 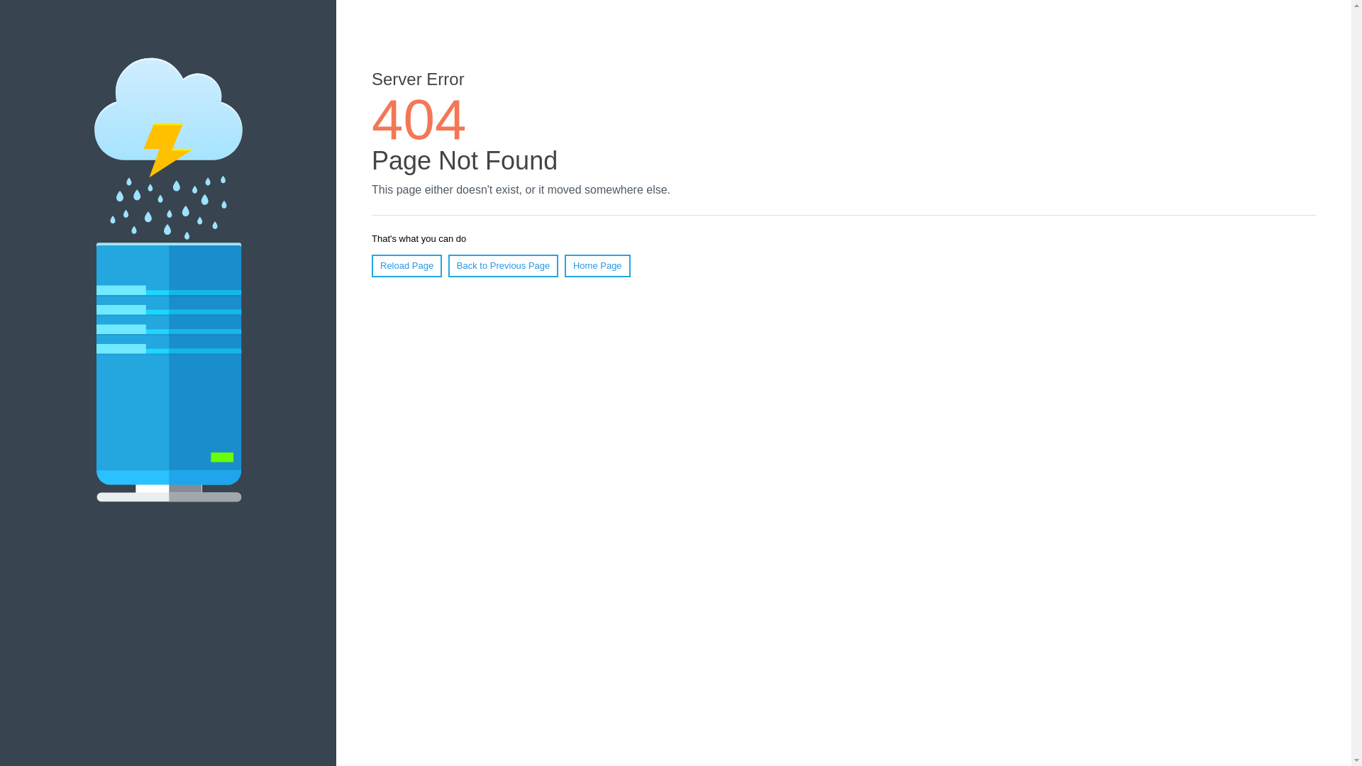 What do you see at coordinates (564, 265) in the screenshot?
I see `'Home Page'` at bounding box center [564, 265].